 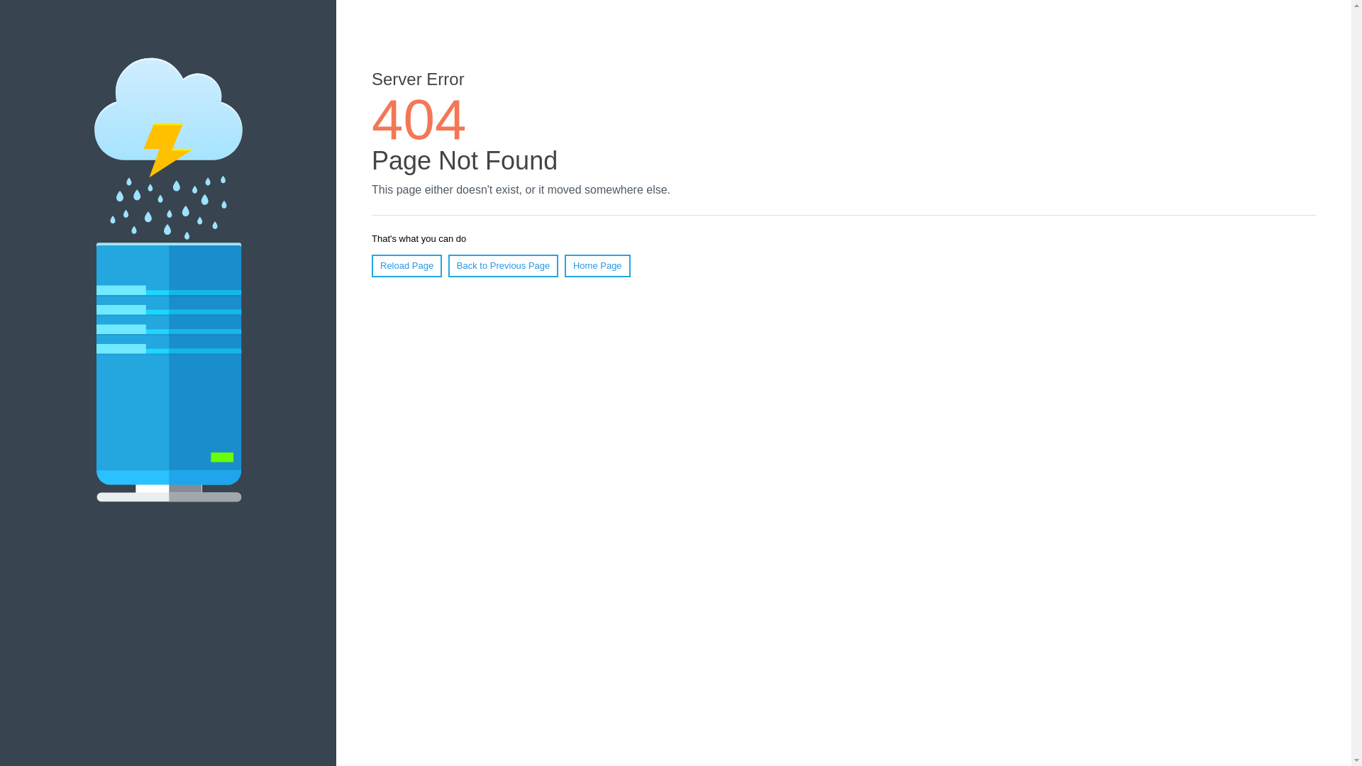 What do you see at coordinates (564, 265) in the screenshot?
I see `'Home Page'` at bounding box center [564, 265].